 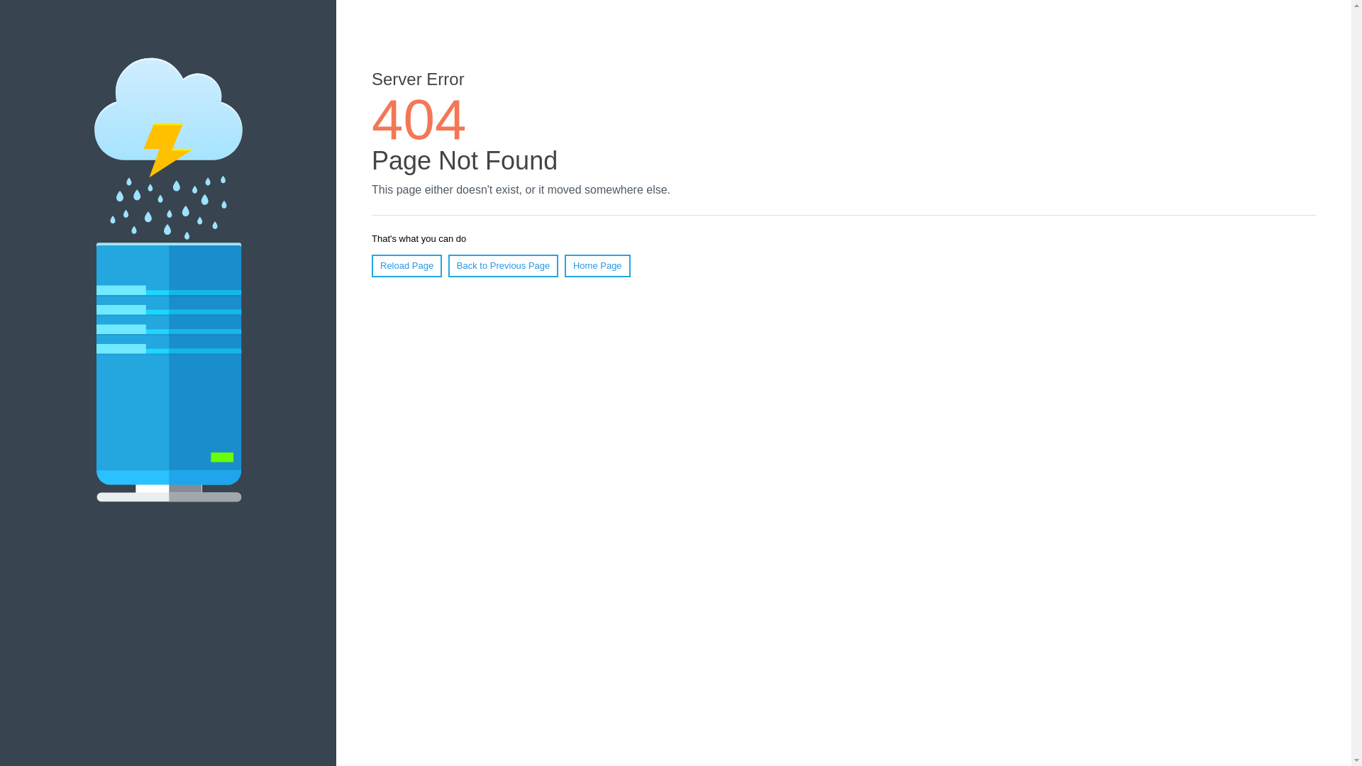 What do you see at coordinates (564, 265) in the screenshot?
I see `'Home Page'` at bounding box center [564, 265].